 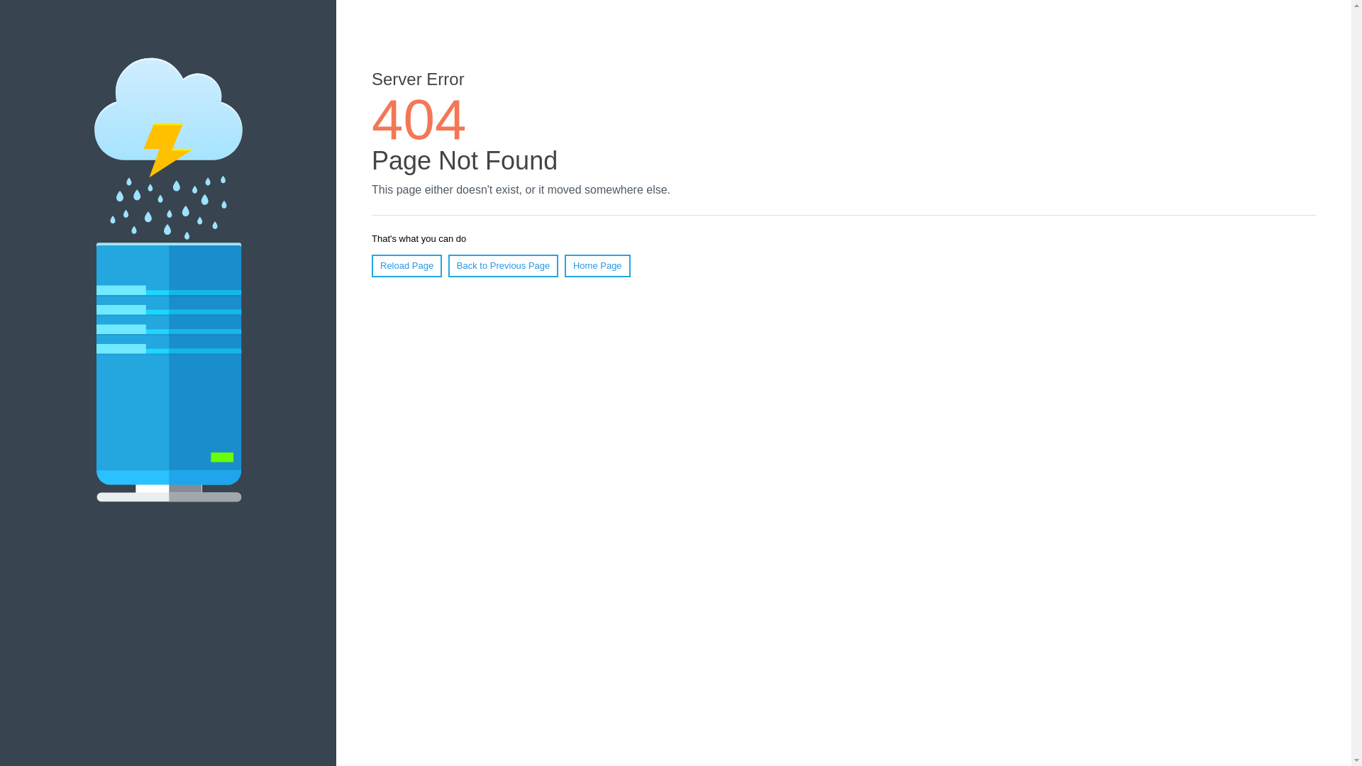 What do you see at coordinates (564, 265) in the screenshot?
I see `'Home Page'` at bounding box center [564, 265].